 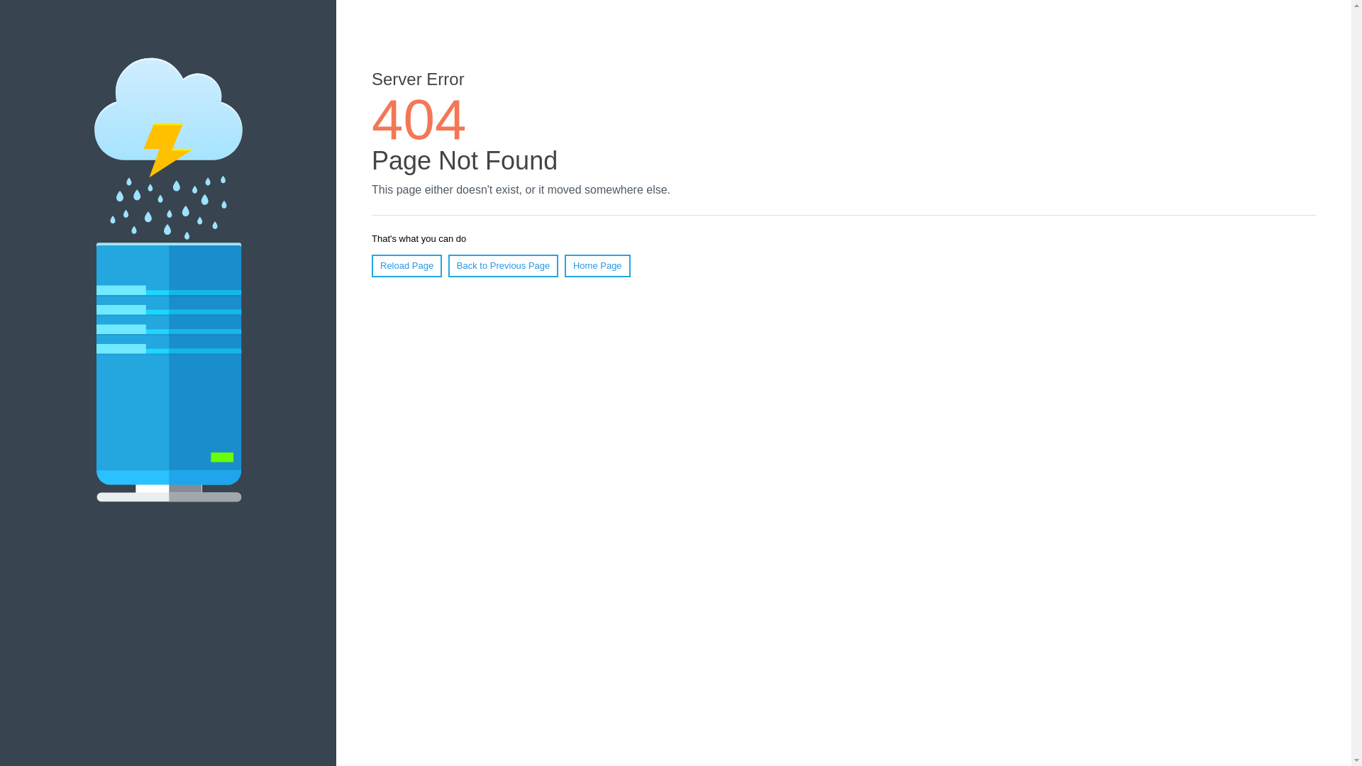 What do you see at coordinates (564, 265) in the screenshot?
I see `'Home Page'` at bounding box center [564, 265].